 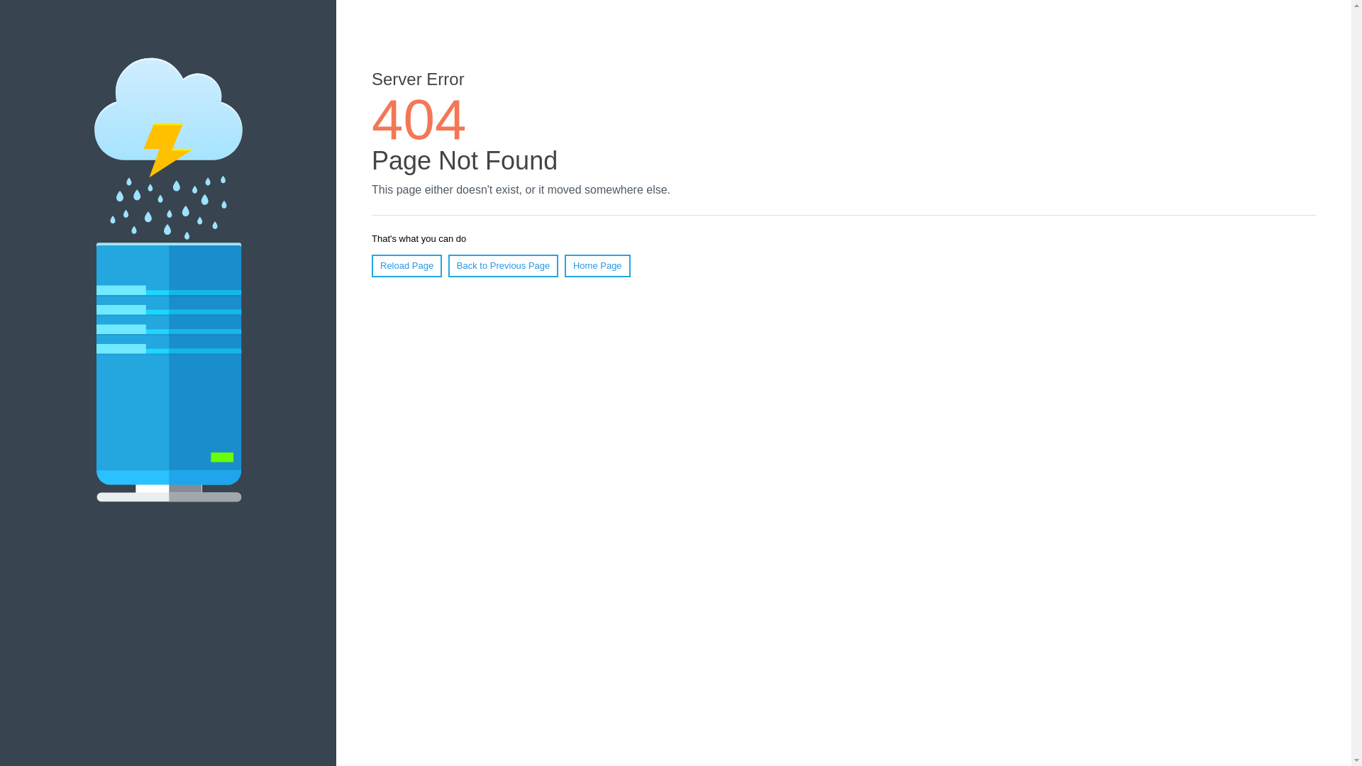 What do you see at coordinates (564, 265) in the screenshot?
I see `'Home Page'` at bounding box center [564, 265].